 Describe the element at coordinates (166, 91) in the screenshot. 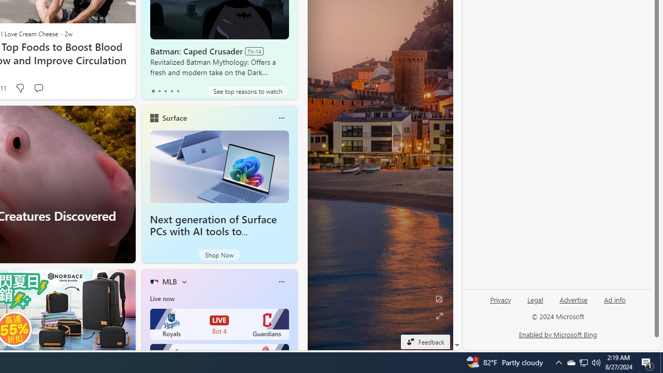

I see `'tab-2'` at that location.